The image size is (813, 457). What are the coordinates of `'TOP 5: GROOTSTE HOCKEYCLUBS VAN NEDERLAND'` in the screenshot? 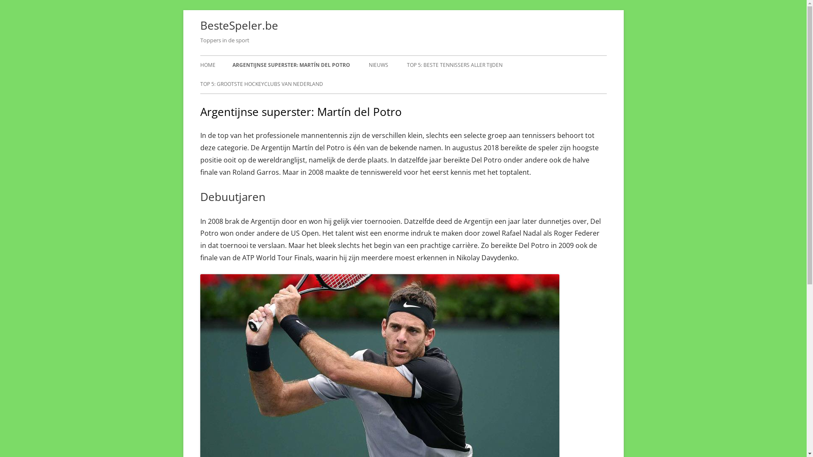 It's located at (199, 84).